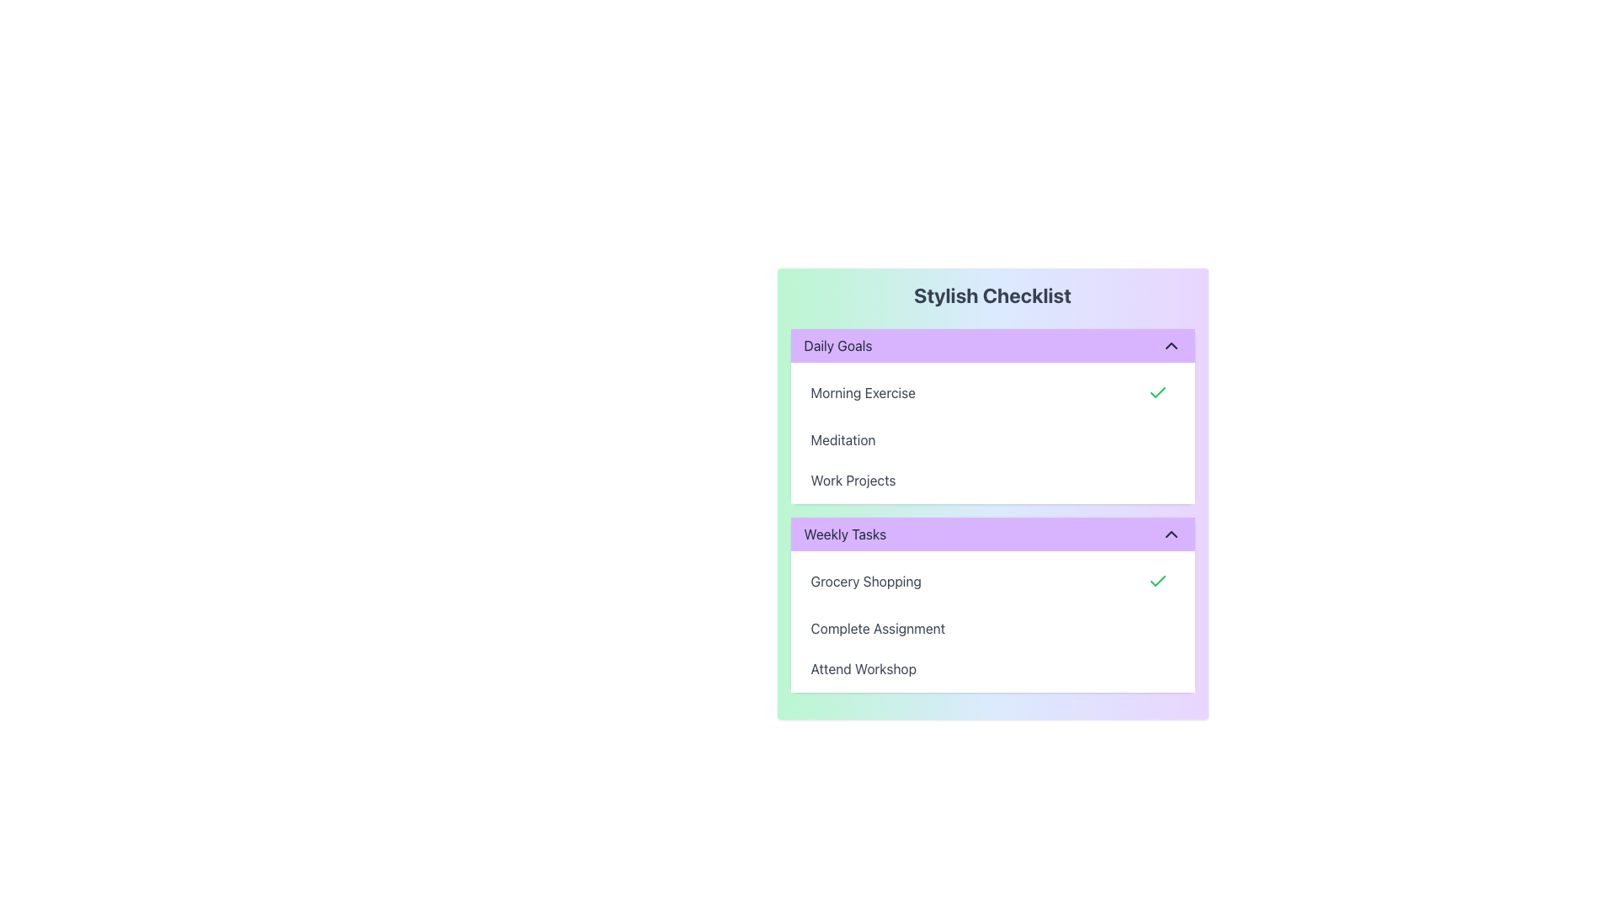 This screenshot has width=1616, height=909. I want to click on text label displaying 'Meditation' located in the 'Daily Goals' section of the checklist interface, which is the second item listed, so click(843, 439).